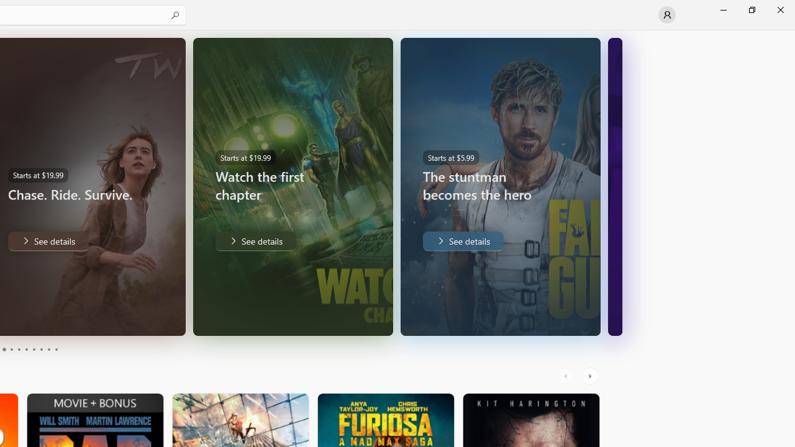 This screenshot has width=795, height=447. What do you see at coordinates (591, 376) in the screenshot?
I see `'AutomationID: RightScrollButton'` at bounding box center [591, 376].